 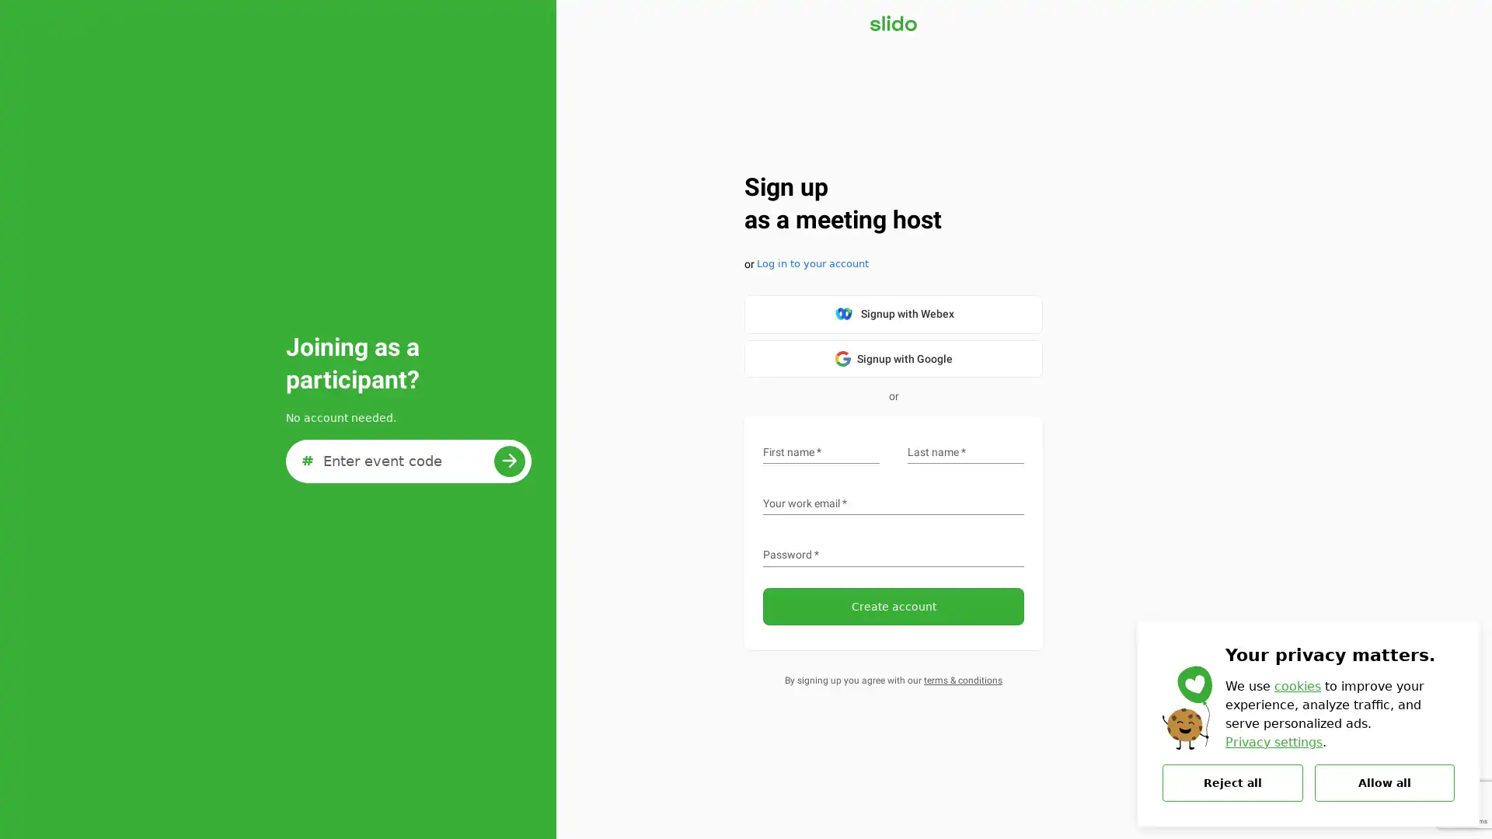 What do you see at coordinates (1231, 782) in the screenshot?
I see `Reject all` at bounding box center [1231, 782].